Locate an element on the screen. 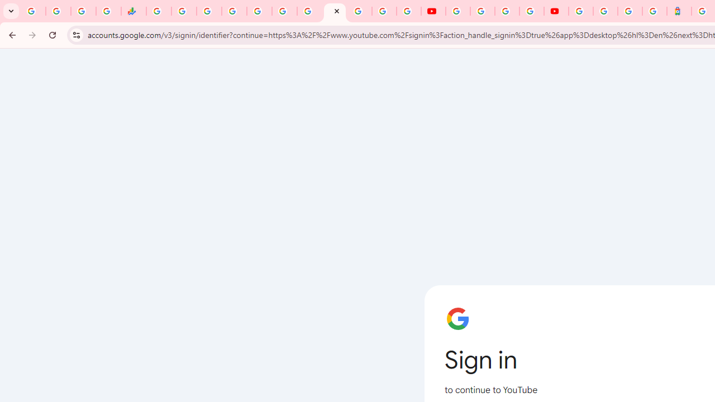  'Android TV Policies and Guidelines - Transparency Center' is located at coordinates (309, 11).